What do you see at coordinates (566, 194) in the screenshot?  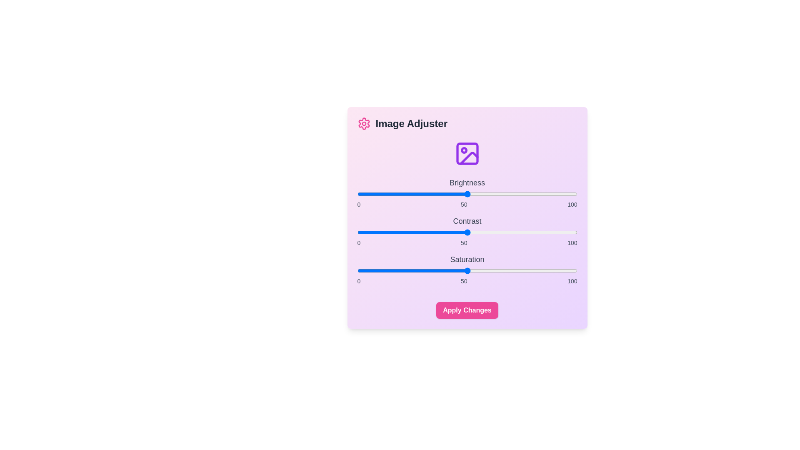 I see `the brightness slider to 95 value` at bounding box center [566, 194].